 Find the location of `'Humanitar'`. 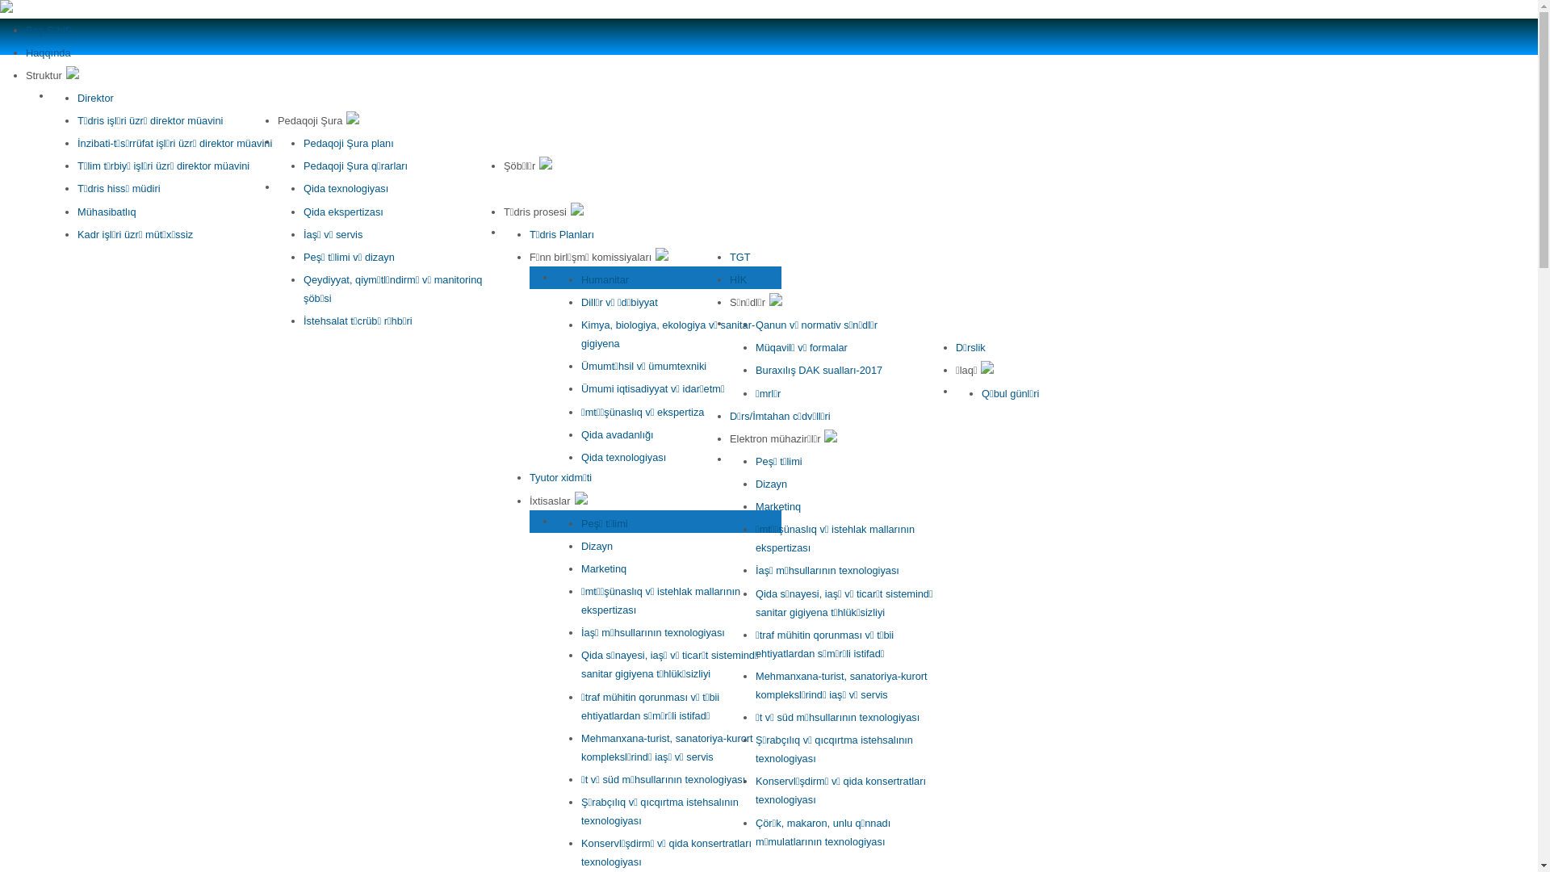

'Humanitar' is located at coordinates (604, 279).